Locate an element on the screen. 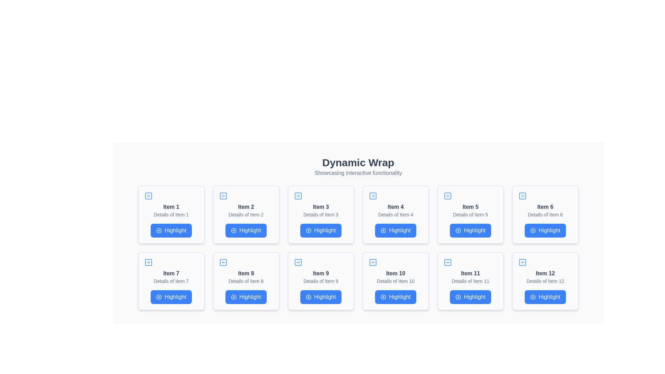 The width and height of the screenshot is (665, 374). the button that triggers the highlighting action for 'Item 2', located below the 'Details of Item 2' text in the second card of the first row is located at coordinates (246, 231).